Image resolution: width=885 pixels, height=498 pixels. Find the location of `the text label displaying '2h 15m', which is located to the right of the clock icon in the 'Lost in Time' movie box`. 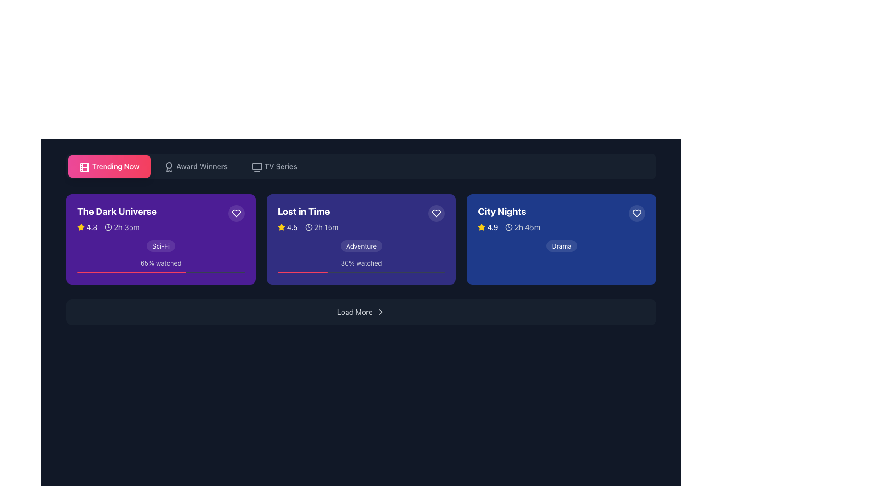

the text label displaying '2h 15m', which is located to the right of the clock icon in the 'Lost in Time' movie box is located at coordinates (326, 227).